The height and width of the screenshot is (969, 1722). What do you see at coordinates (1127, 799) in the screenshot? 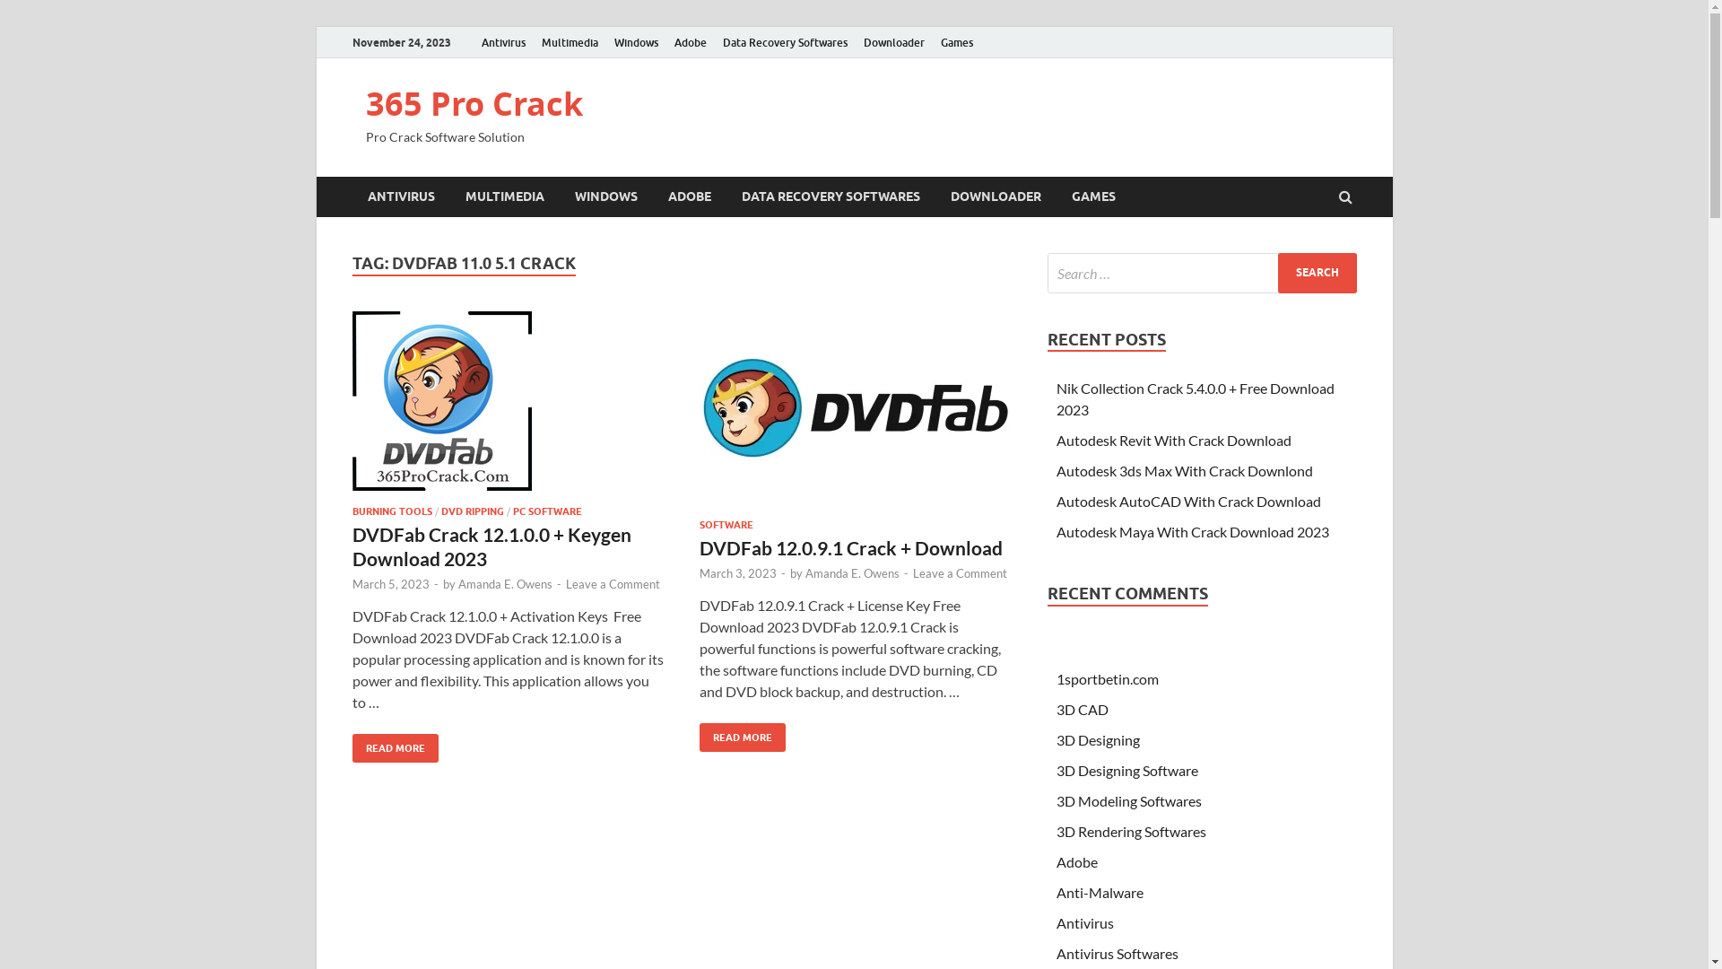
I see `'3D Modeling Softwares'` at bounding box center [1127, 799].